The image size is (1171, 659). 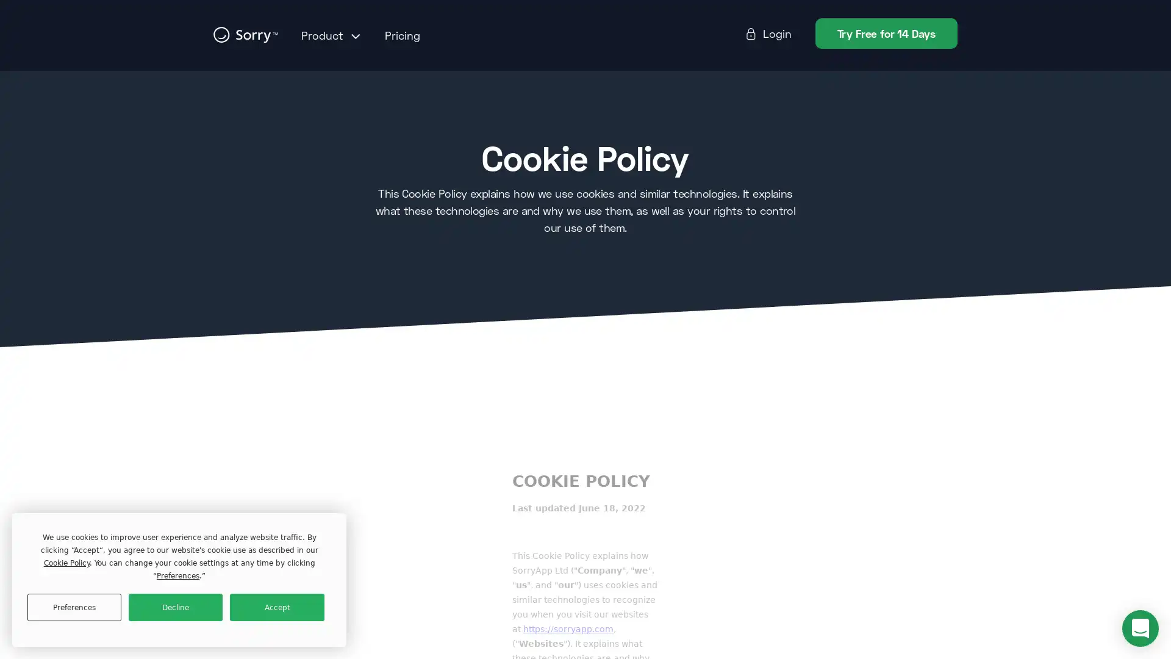 I want to click on Open Intercom Messenger, so click(x=1140, y=628).